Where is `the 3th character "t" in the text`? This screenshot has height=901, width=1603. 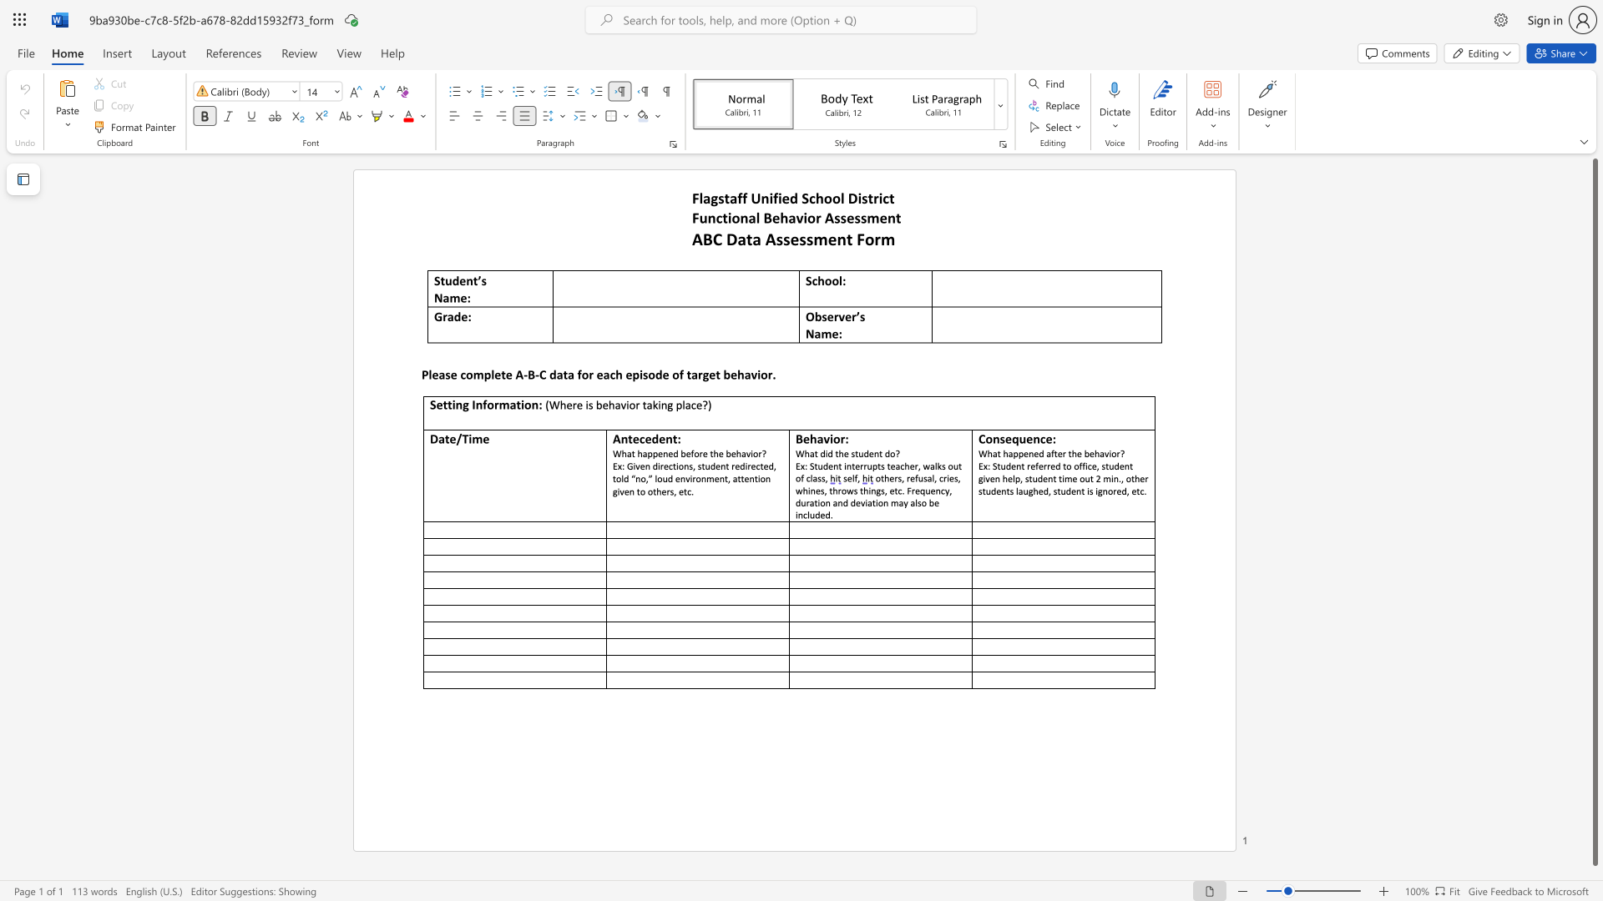 the 3th character "t" in the text is located at coordinates (891, 197).